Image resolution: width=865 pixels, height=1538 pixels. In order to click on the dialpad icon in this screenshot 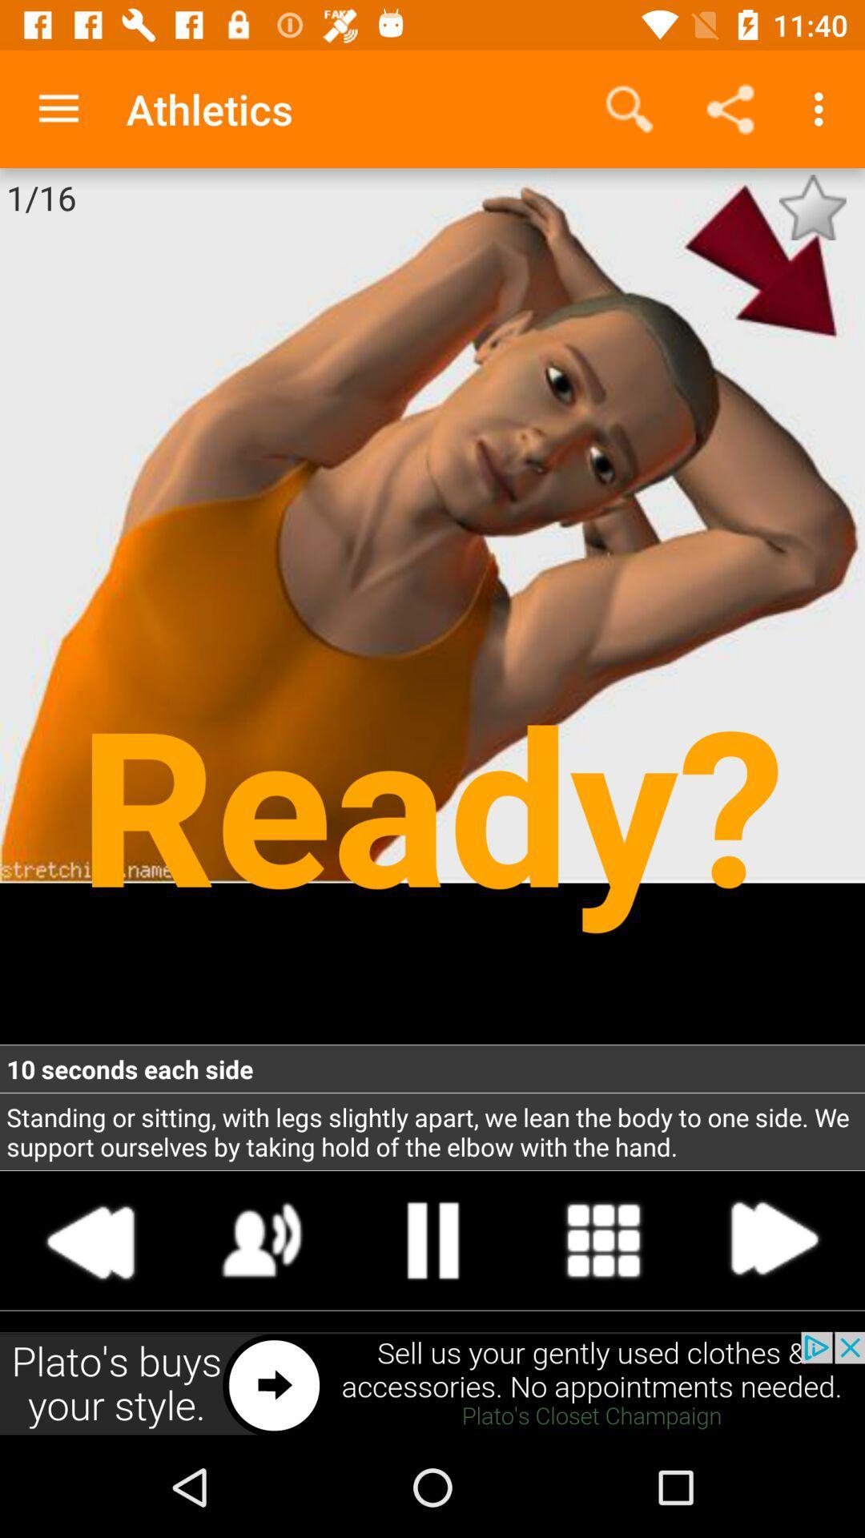, I will do `click(603, 1239)`.